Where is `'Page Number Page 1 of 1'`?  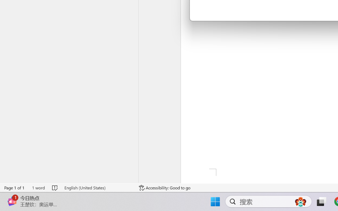
'Page Number Page 1 of 1' is located at coordinates (15, 188).